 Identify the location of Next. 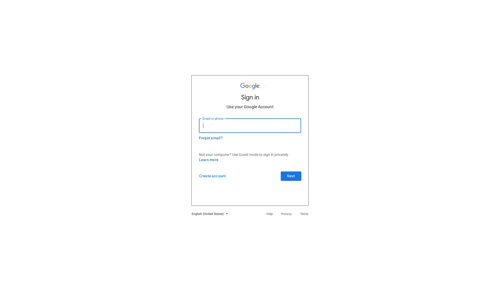
(287, 180).